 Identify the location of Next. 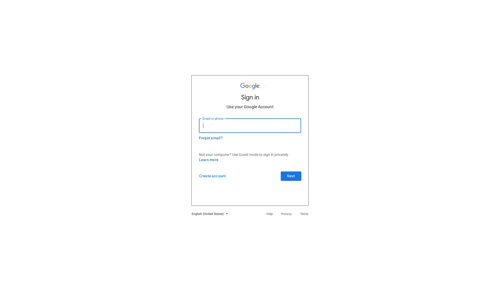
(287, 180).